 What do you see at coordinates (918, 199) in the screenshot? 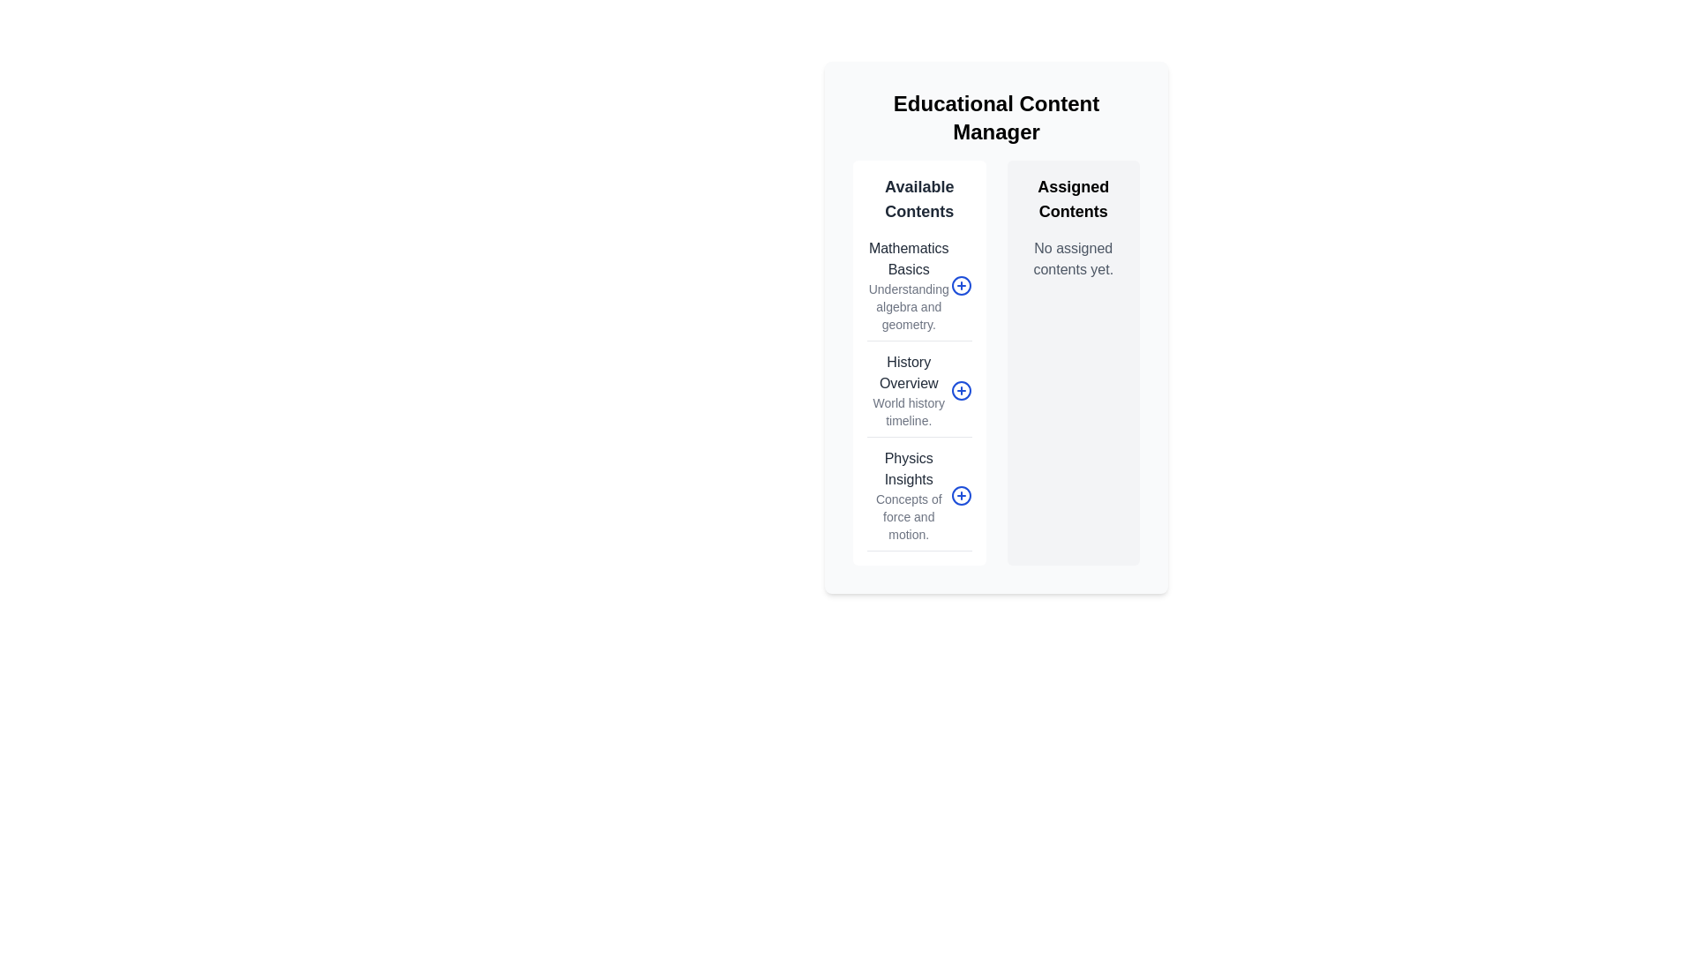
I see `the header text label that provides a brief description of the educational topics section, positioned above the list items such as 'Mathematics Basics', 'History Overview', and 'Physics Insights'` at bounding box center [918, 199].